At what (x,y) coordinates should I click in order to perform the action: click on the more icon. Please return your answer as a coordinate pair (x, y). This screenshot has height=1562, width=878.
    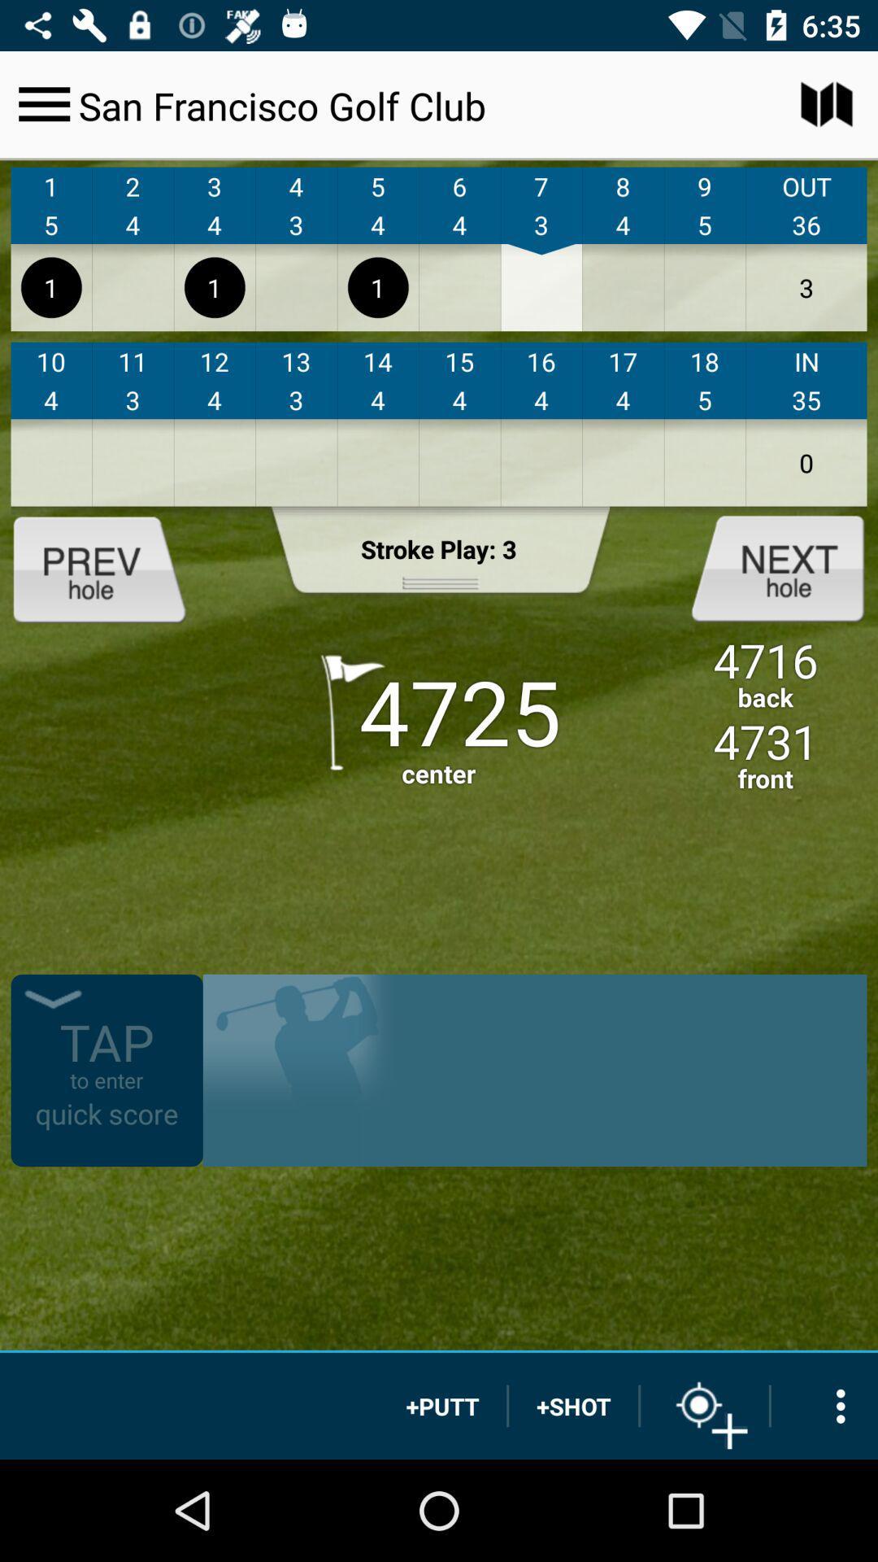
    Looking at the image, I should click on (824, 1405).